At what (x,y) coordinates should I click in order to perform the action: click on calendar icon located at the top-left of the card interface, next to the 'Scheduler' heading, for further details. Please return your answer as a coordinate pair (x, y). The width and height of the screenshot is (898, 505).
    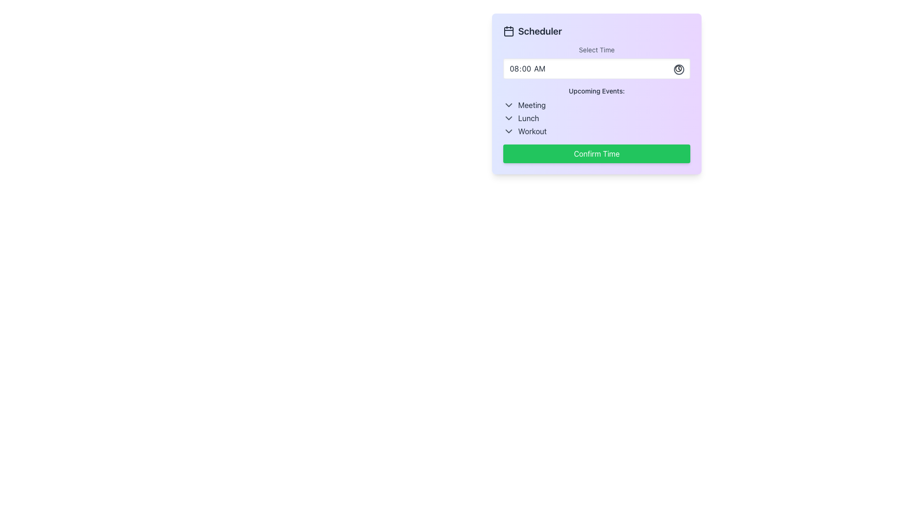
    Looking at the image, I should click on (508, 30).